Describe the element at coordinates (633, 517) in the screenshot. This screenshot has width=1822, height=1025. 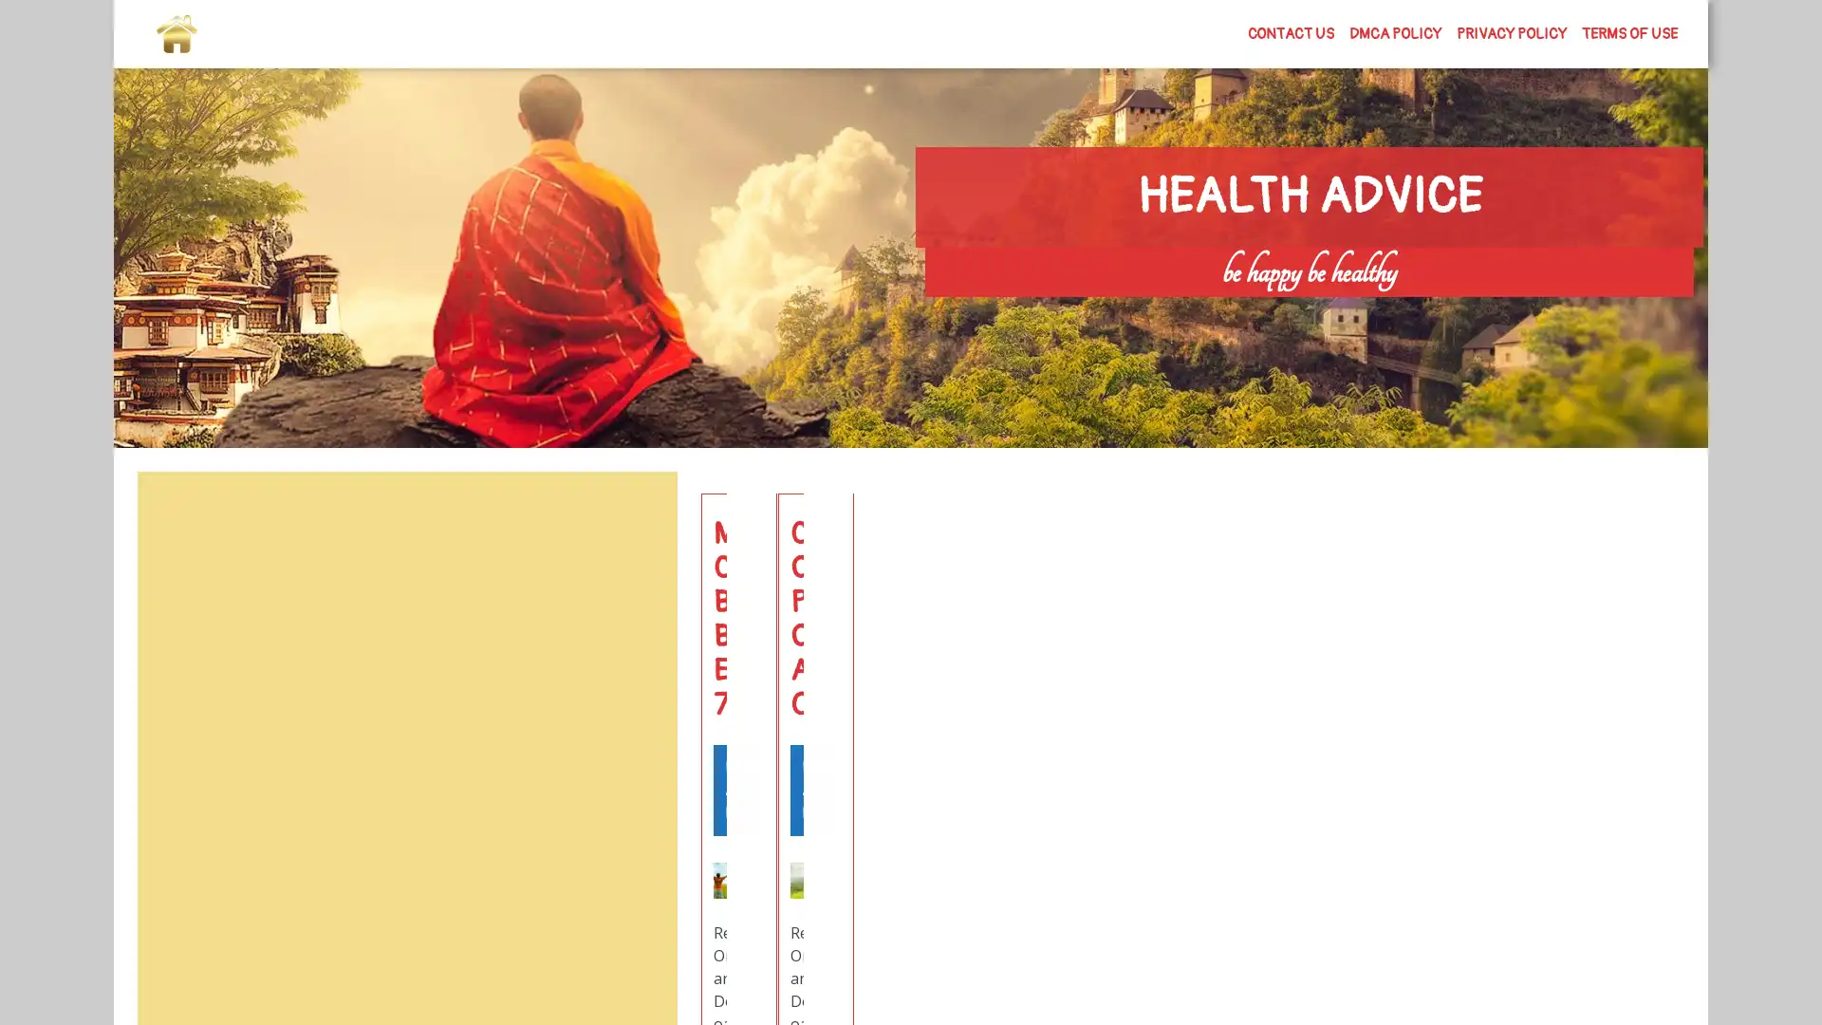
I see `Search` at that location.